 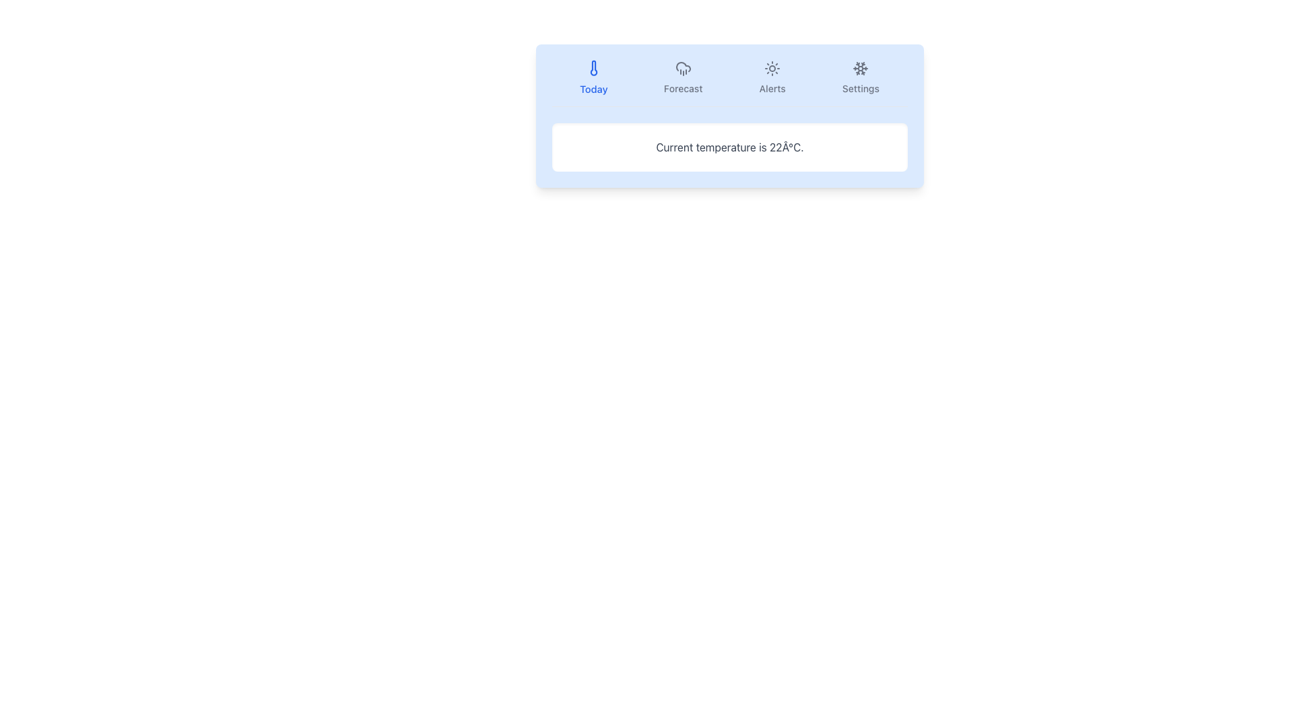 What do you see at coordinates (593, 68) in the screenshot?
I see `the 'Today' icon button located at the far left of the horizontal navigation menu` at bounding box center [593, 68].